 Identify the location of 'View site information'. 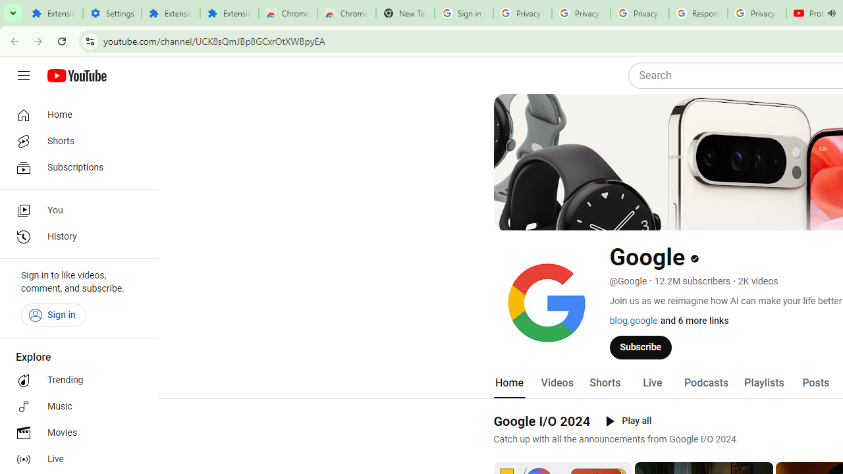
(89, 40).